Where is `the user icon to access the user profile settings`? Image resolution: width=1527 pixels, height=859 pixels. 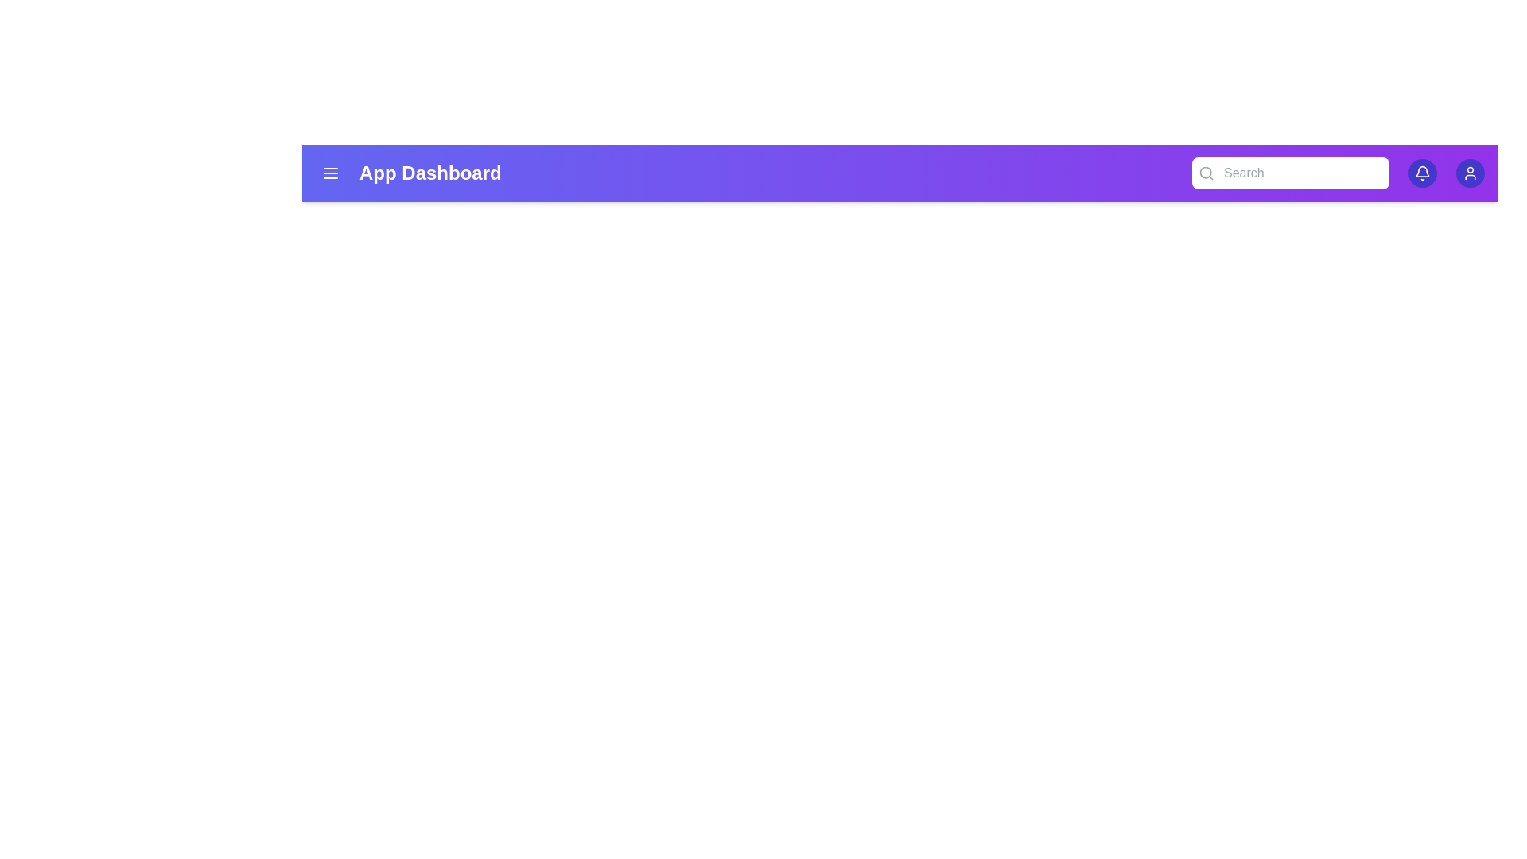
the user icon to access the user profile settings is located at coordinates (1469, 173).